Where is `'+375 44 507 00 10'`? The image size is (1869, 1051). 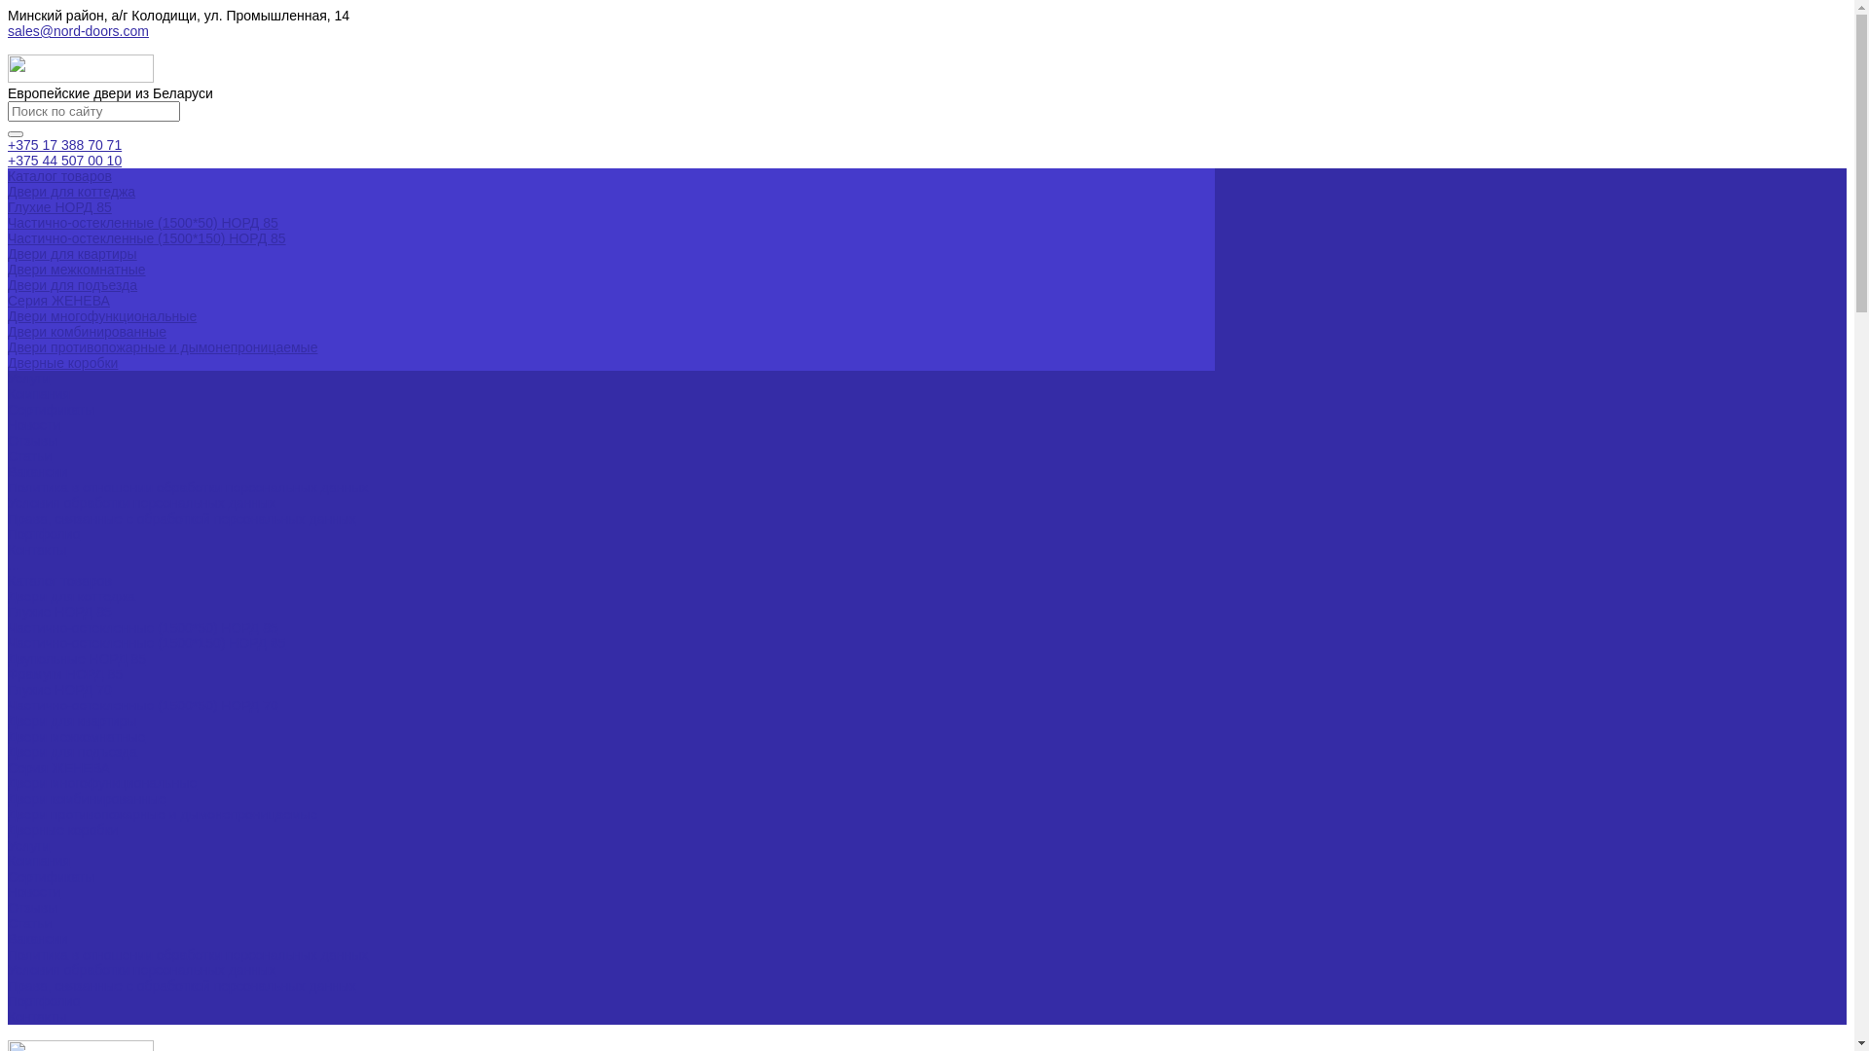
'+375 44 507 00 10' is located at coordinates (64, 160).